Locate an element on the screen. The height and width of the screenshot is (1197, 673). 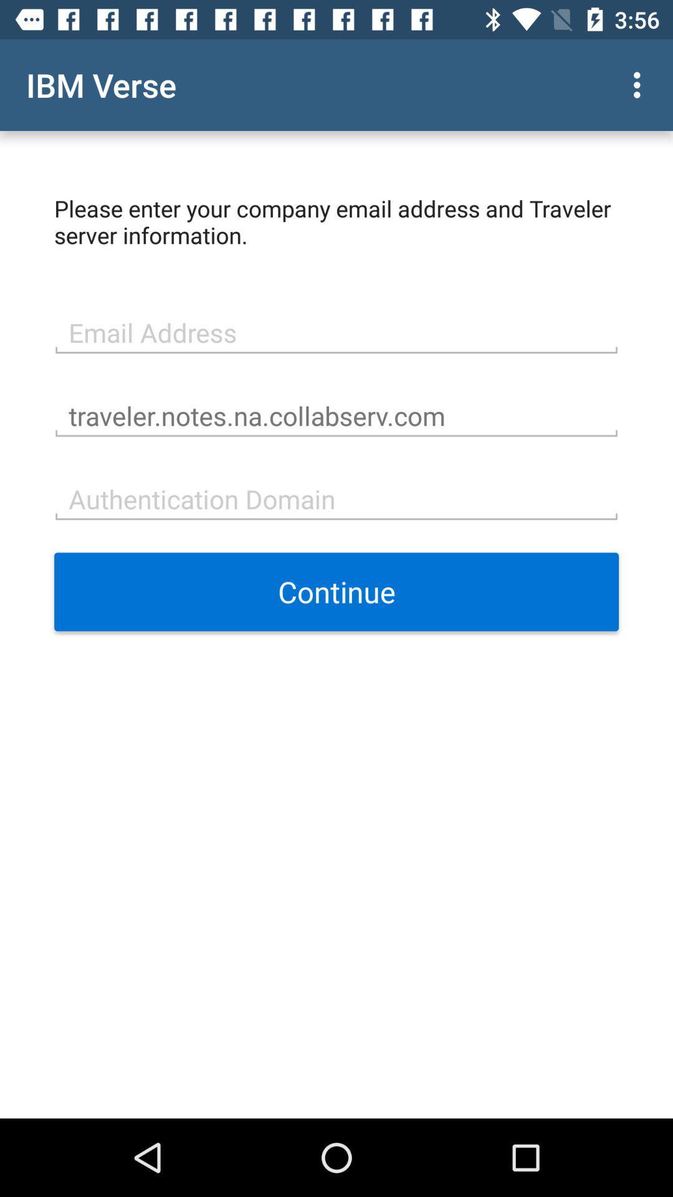
the item above please enter your is located at coordinates (640, 84).